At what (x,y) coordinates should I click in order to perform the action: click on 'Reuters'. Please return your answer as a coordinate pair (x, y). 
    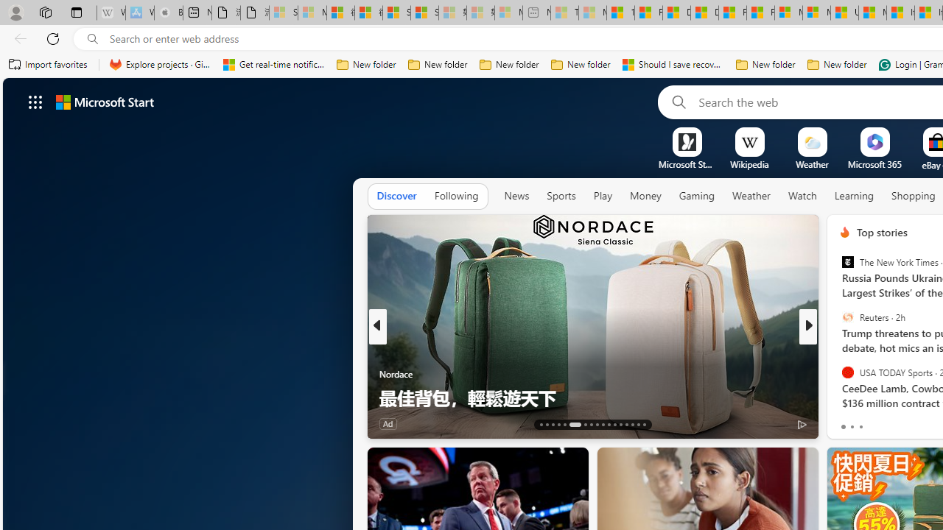
    Looking at the image, I should click on (847, 317).